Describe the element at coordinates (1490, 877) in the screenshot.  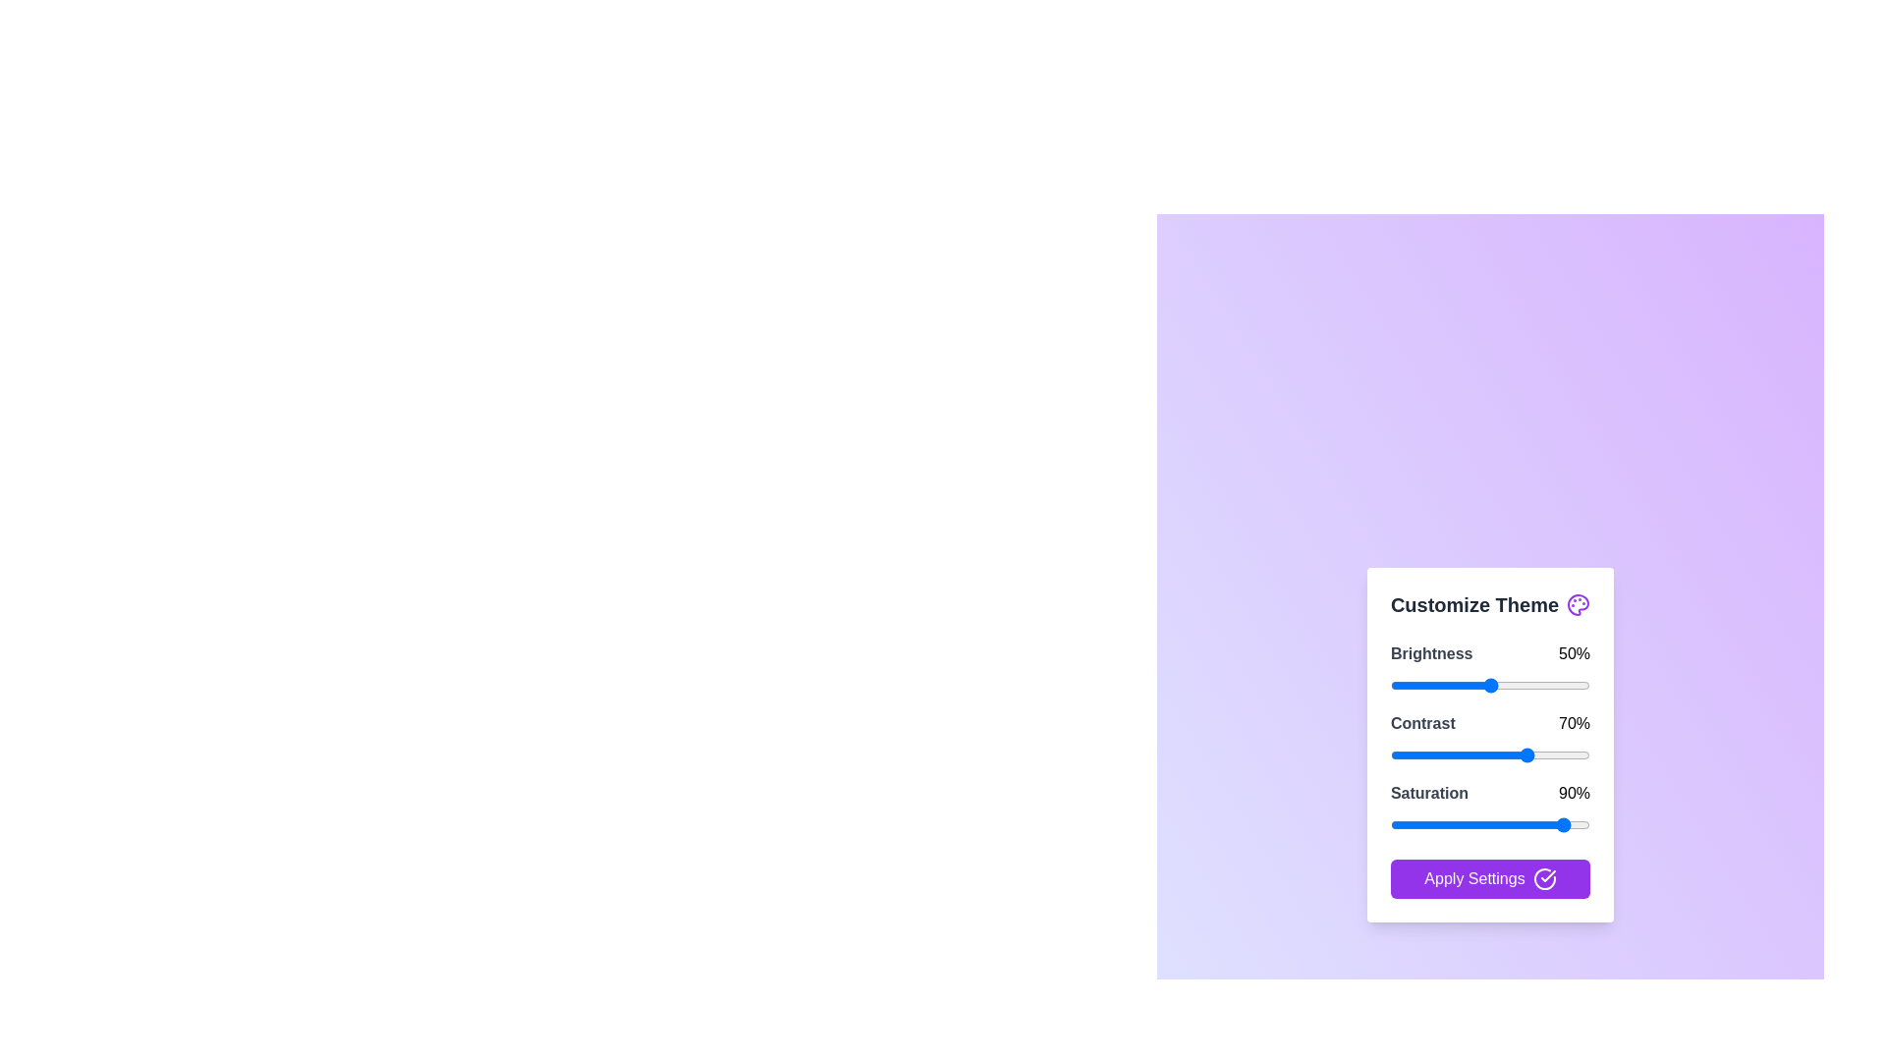
I see `the 'Apply Settings' button to save the changes` at that location.